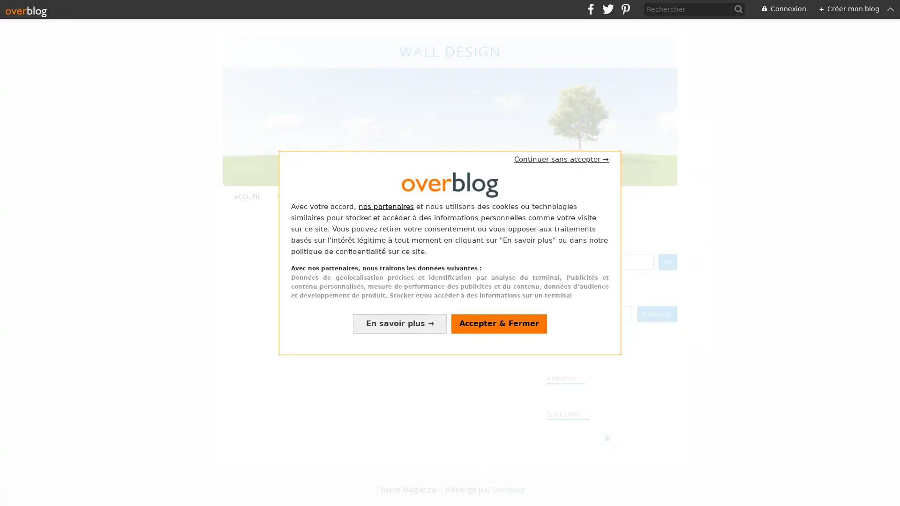 Image resolution: width=900 pixels, height=506 pixels. What do you see at coordinates (667, 261) in the screenshot?
I see `OK` at bounding box center [667, 261].